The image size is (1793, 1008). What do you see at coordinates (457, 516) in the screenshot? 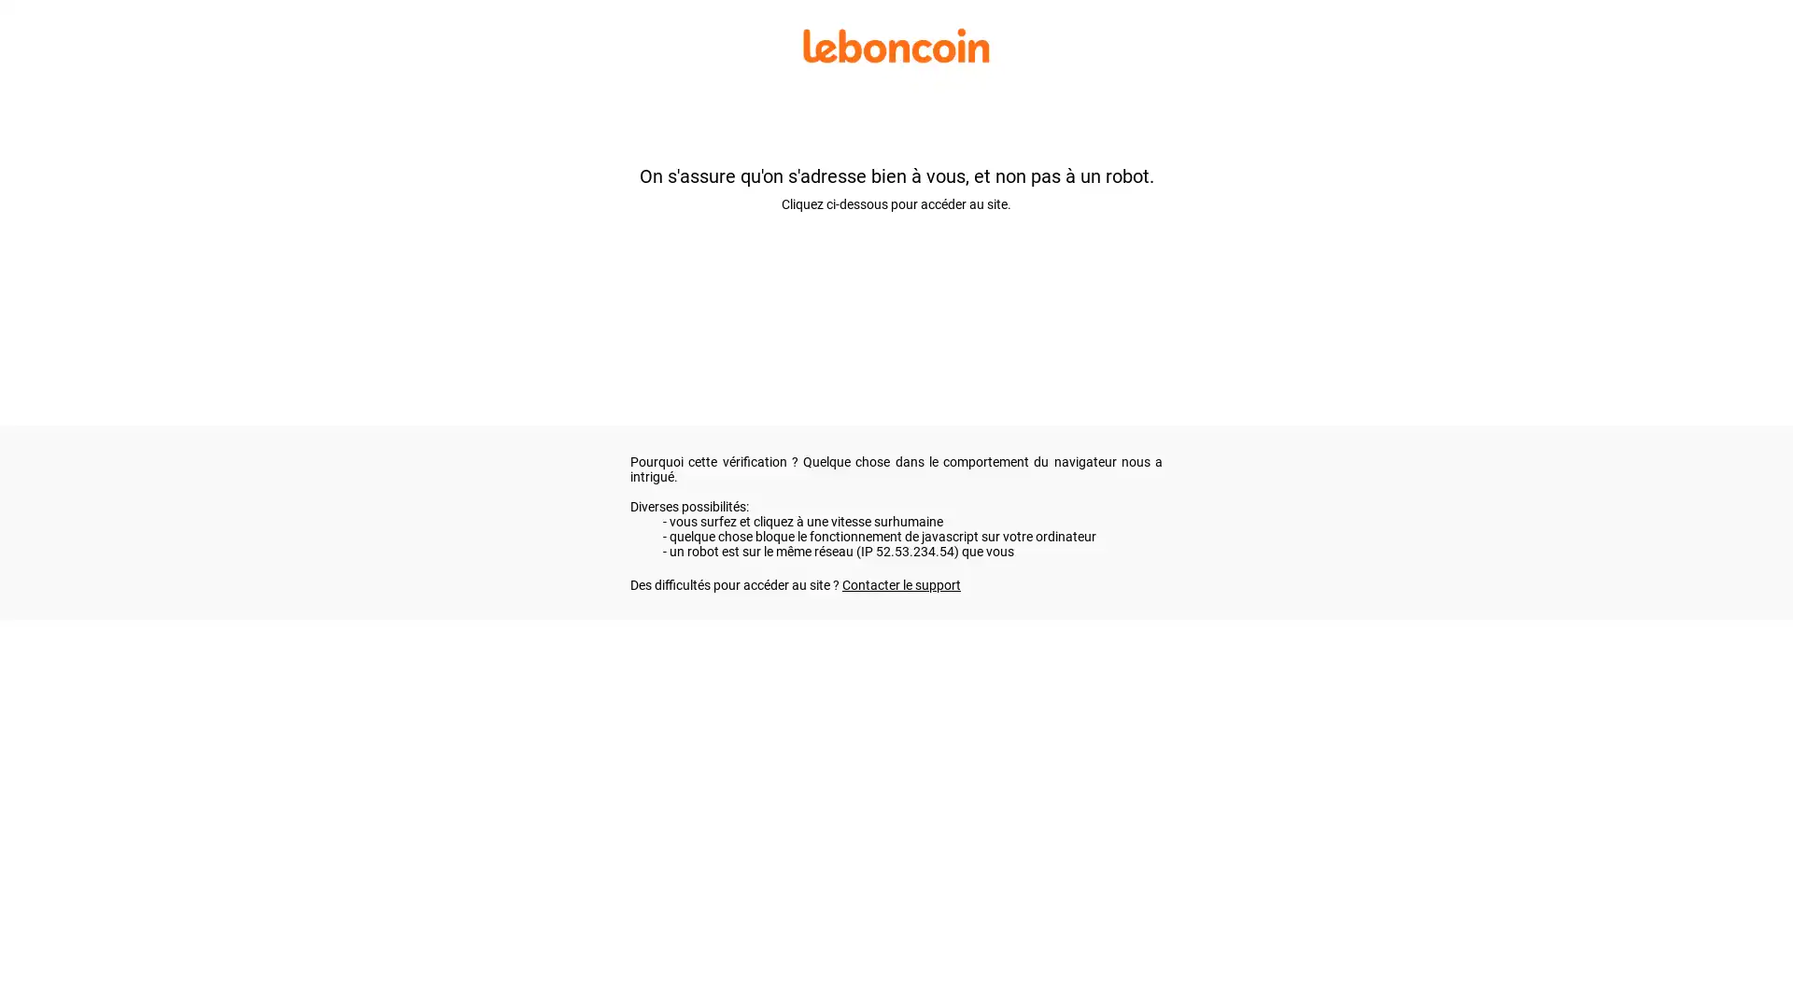
I see `Precedent` at bounding box center [457, 516].